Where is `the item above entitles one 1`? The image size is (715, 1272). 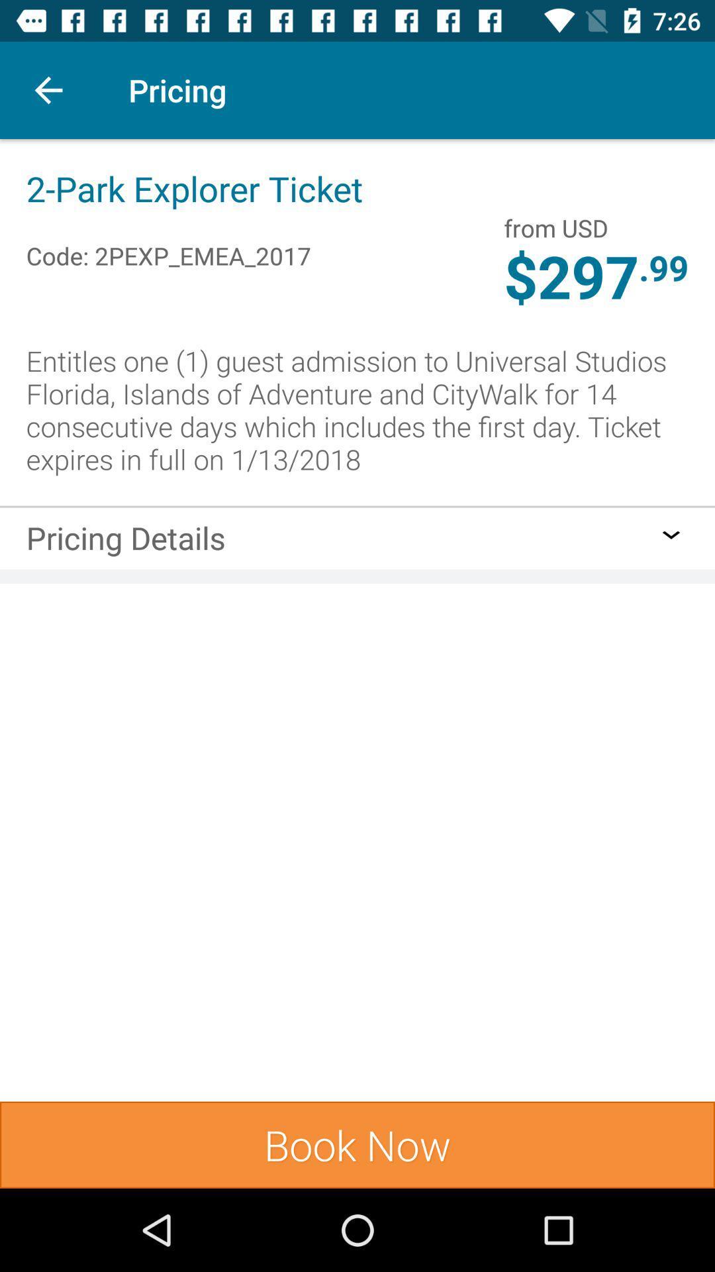 the item above entitles one 1 is located at coordinates (663, 266).